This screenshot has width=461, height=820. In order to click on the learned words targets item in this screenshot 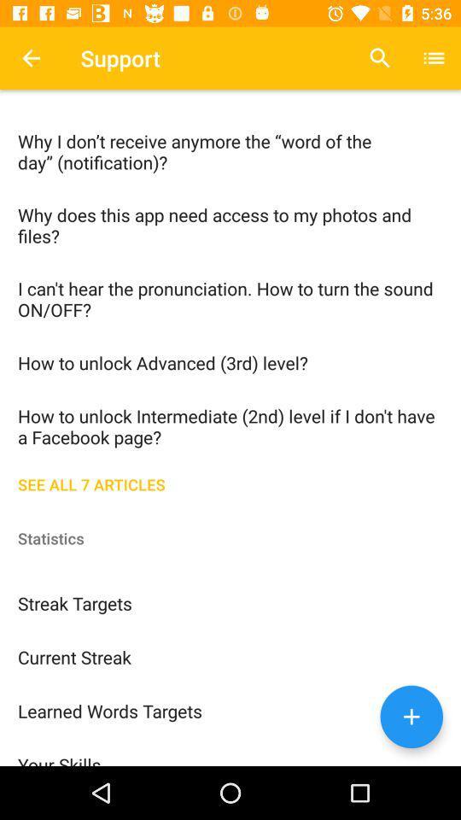, I will do `click(230, 710)`.